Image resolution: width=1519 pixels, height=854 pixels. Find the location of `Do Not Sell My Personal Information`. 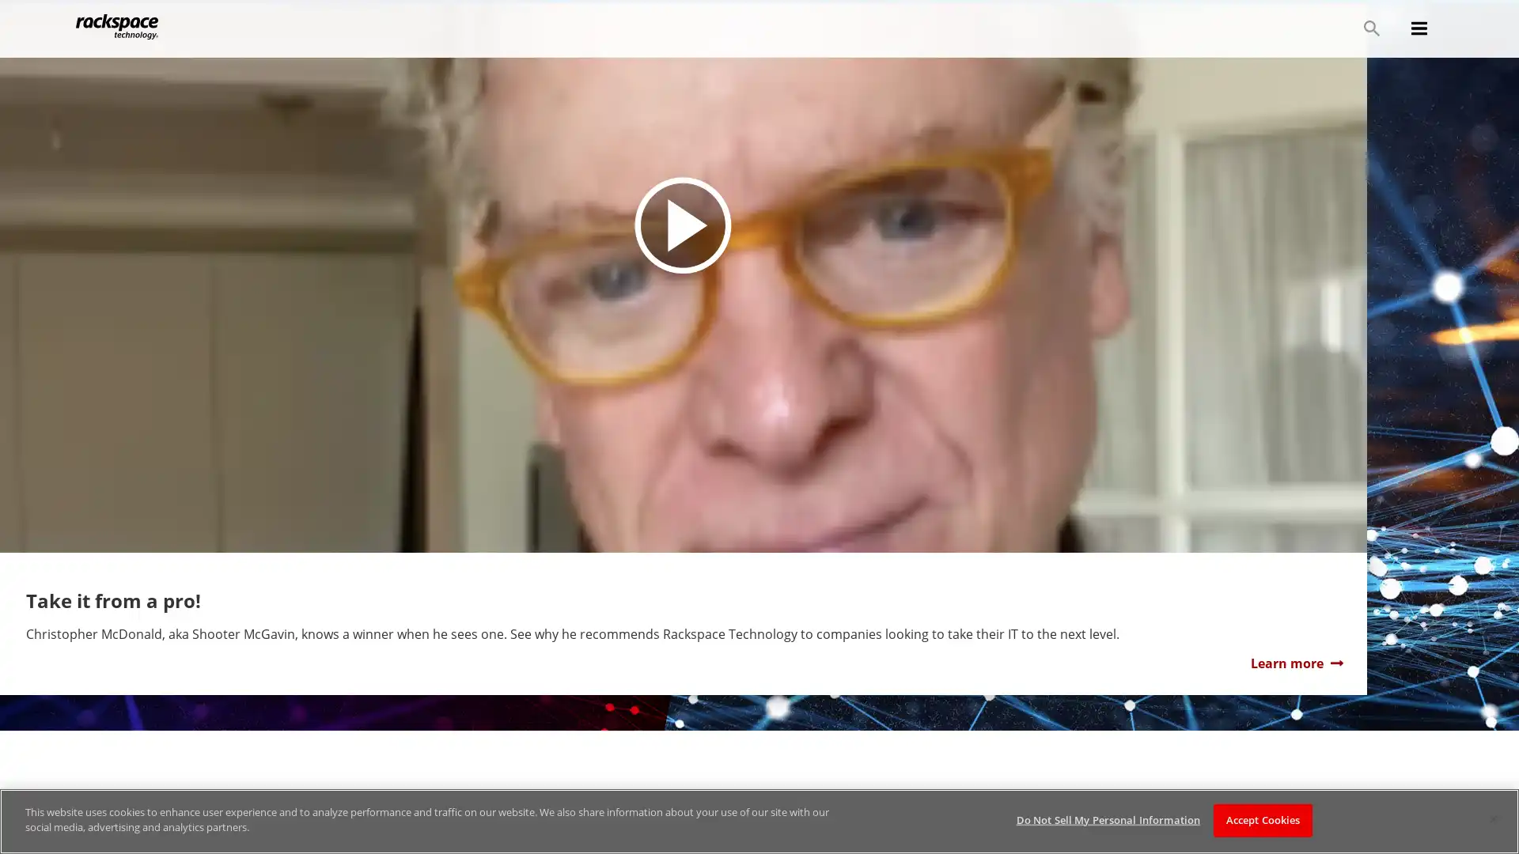

Do Not Sell My Personal Information is located at coordinates (1107, 819).